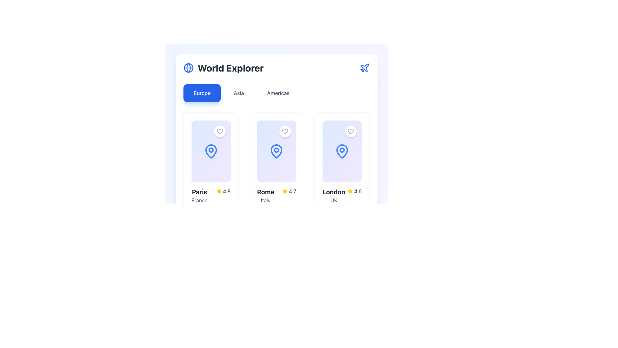 Image resolution: width=618 pixels, height=348 pixels. I want to click on the main descriptive text within the third location card that denotes the name 'London' and its associated country 'UK', so click(334, 196).